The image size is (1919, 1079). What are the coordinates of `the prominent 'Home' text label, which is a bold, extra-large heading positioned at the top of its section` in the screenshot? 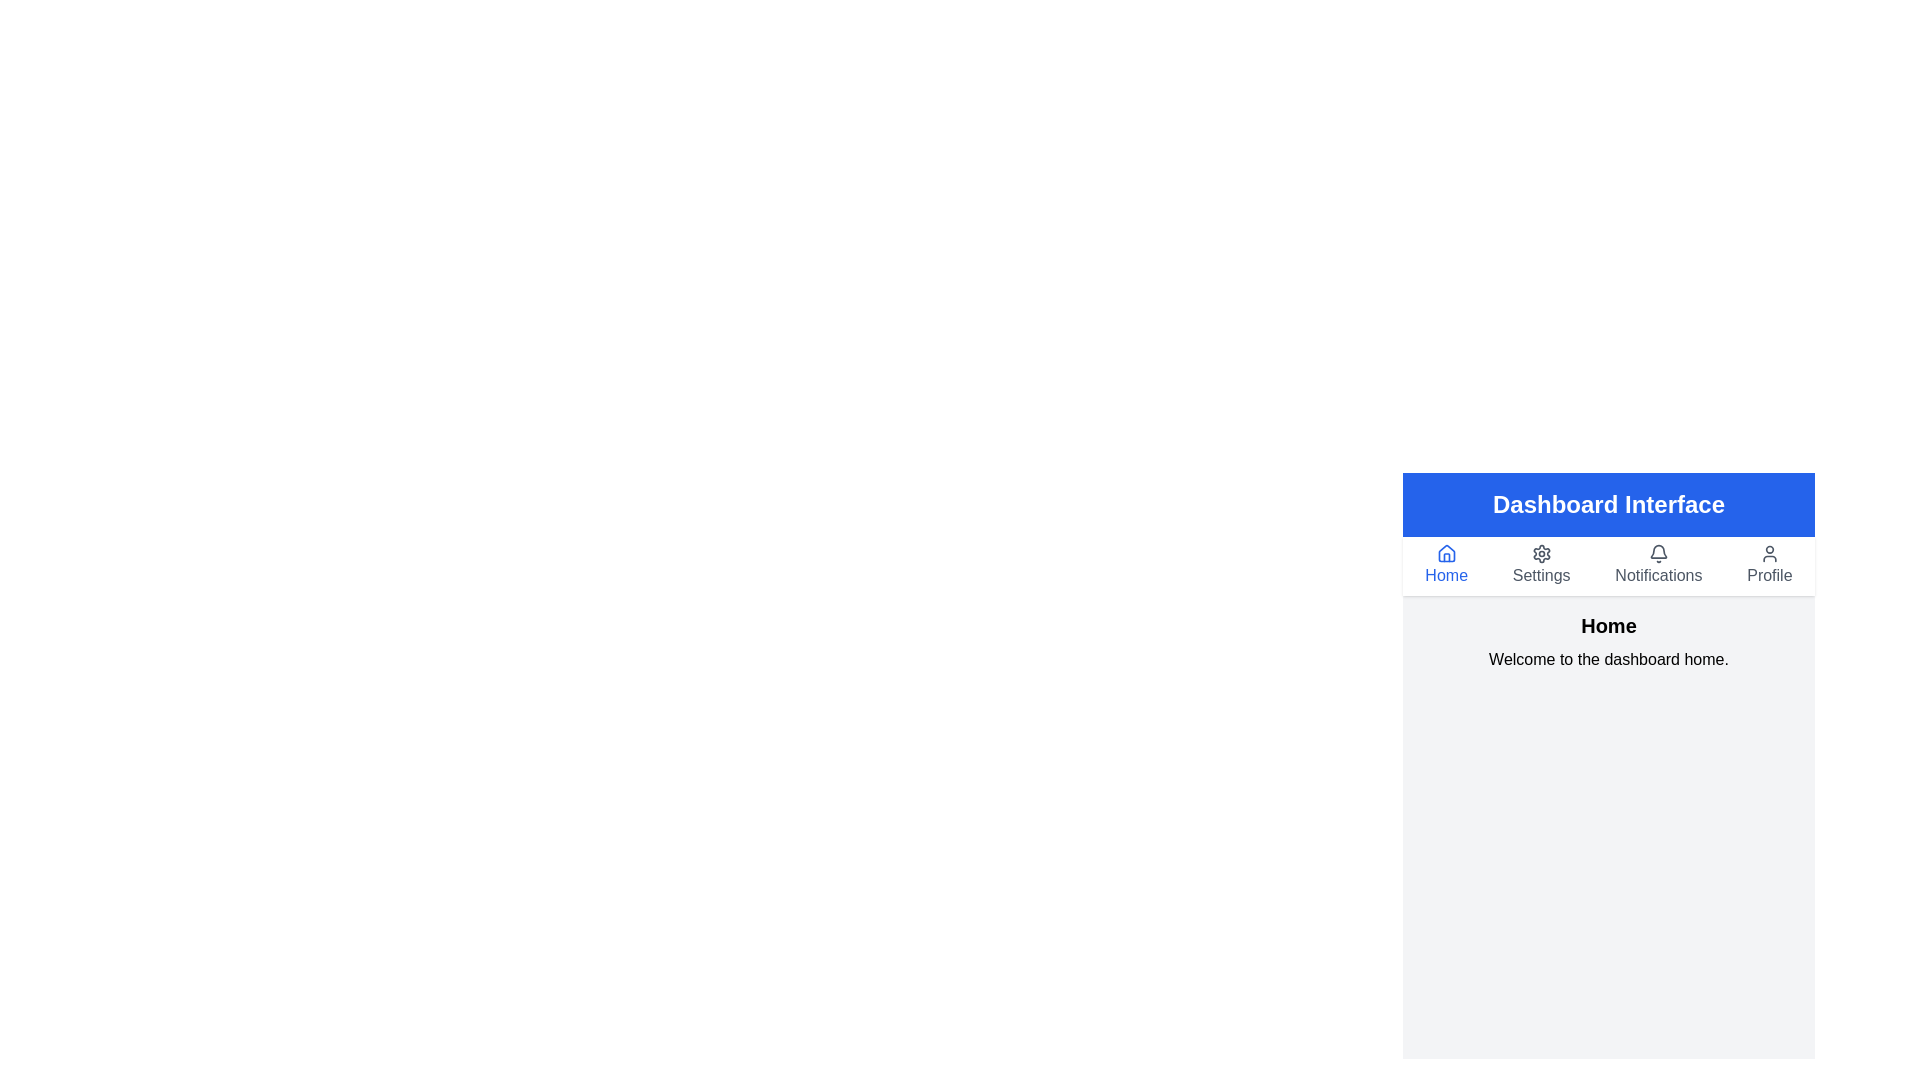 It's located at (1608, 625).